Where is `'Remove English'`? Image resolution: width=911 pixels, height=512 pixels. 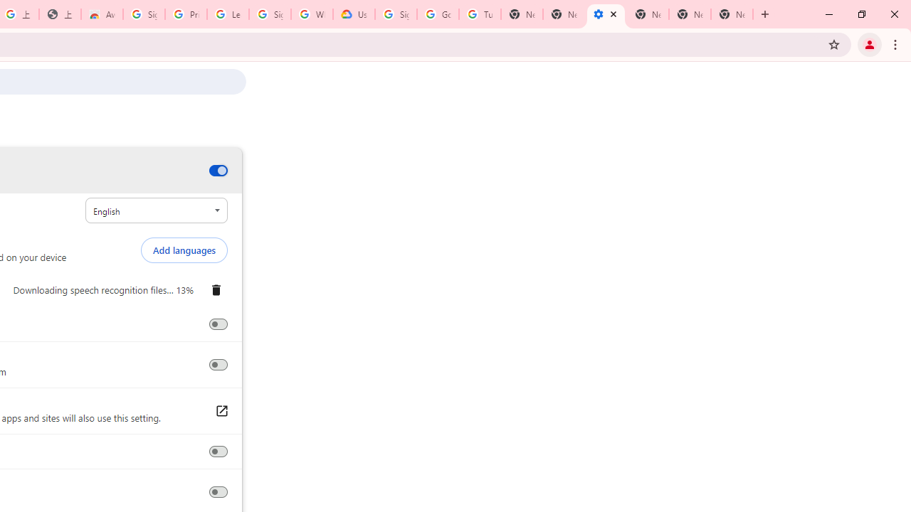
'Remove English' is located at coordinates (215, 289).